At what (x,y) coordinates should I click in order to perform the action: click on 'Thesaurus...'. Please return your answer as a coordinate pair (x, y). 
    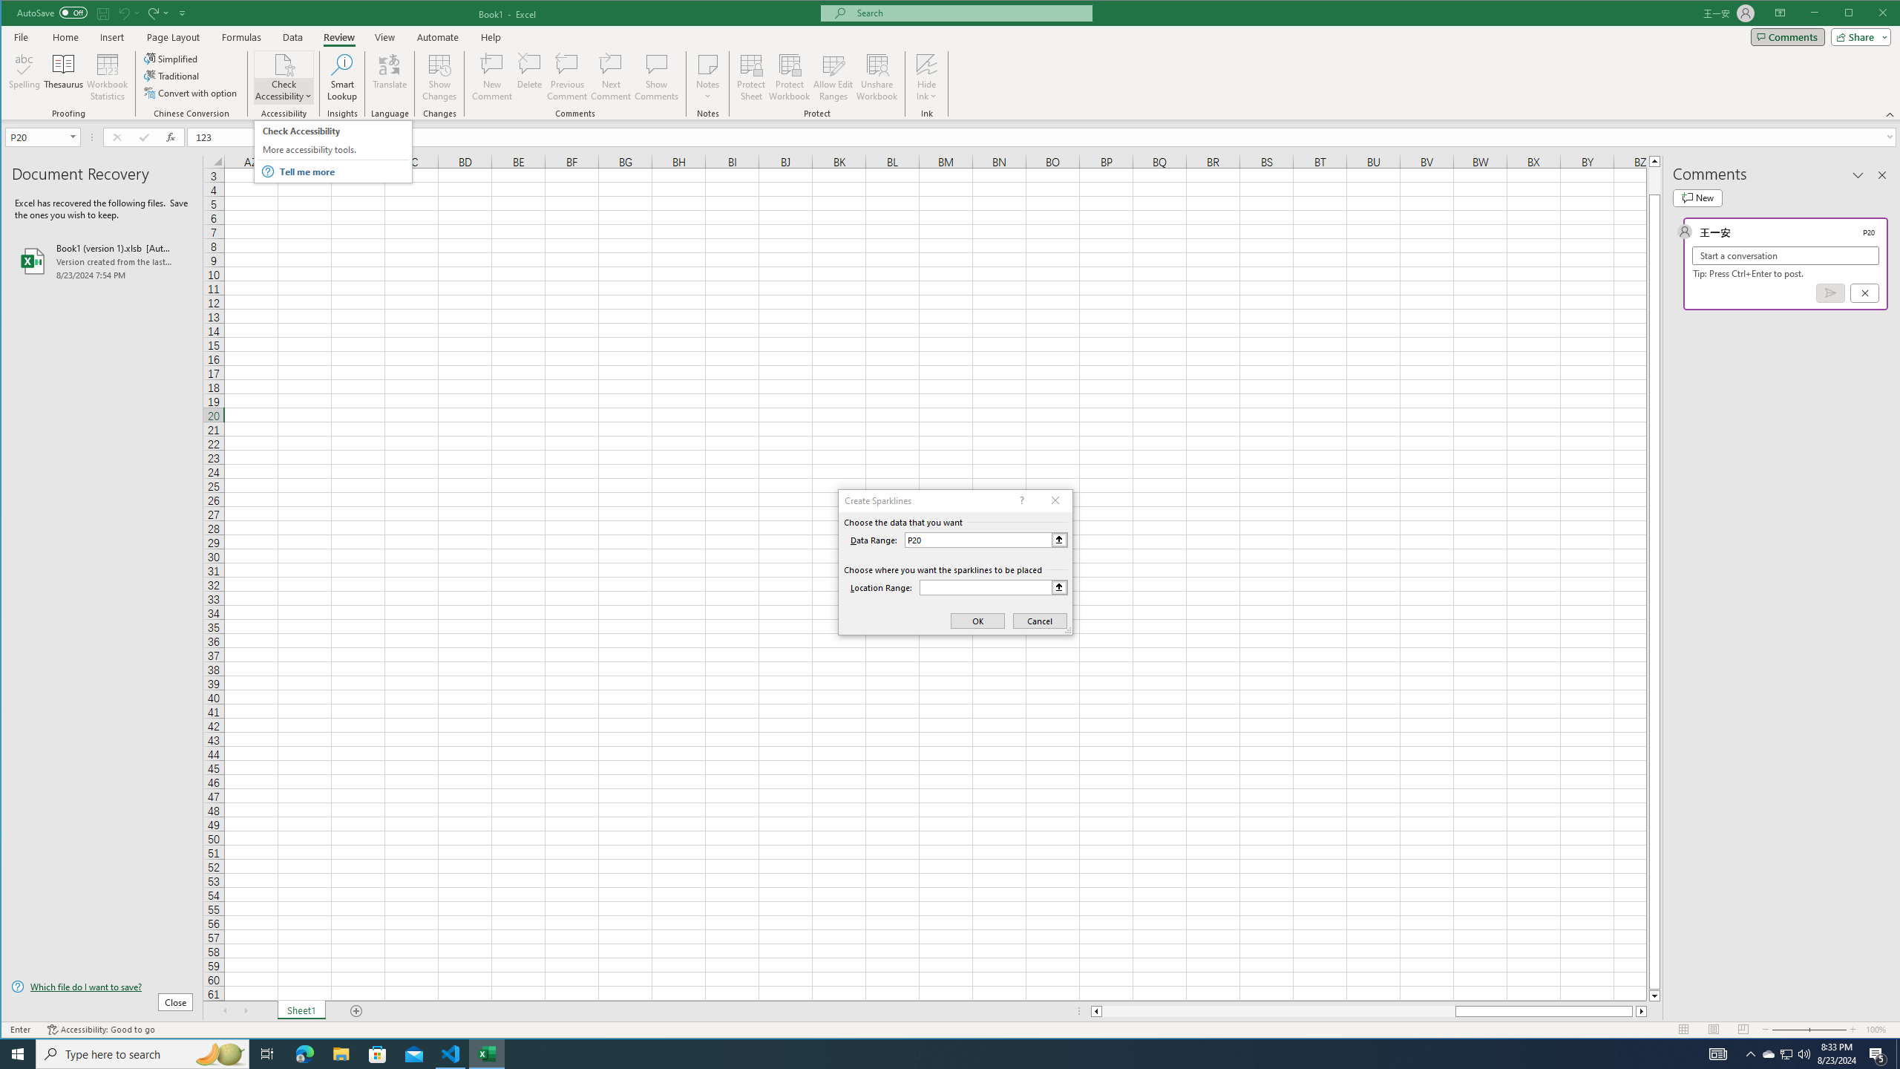
    Looking at the image, I should click on (63, 76).